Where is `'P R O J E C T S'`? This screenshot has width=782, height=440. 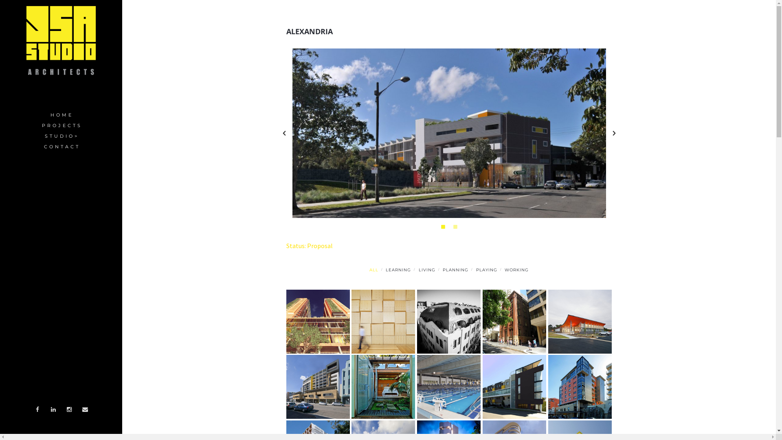 'P R O J E C T S' is located at coordinates (60, 125).